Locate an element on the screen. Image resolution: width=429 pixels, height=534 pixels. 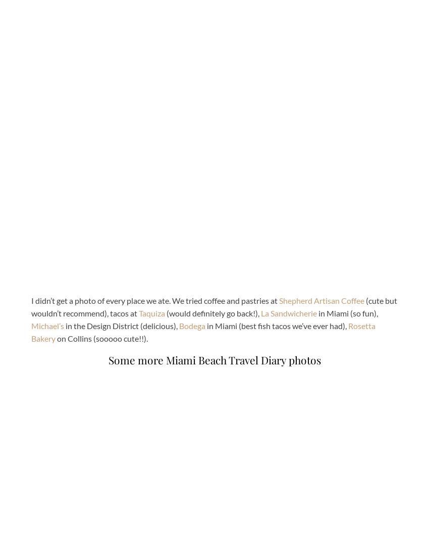
'(would definitely go back!),' is located at coordinates (213, 312).